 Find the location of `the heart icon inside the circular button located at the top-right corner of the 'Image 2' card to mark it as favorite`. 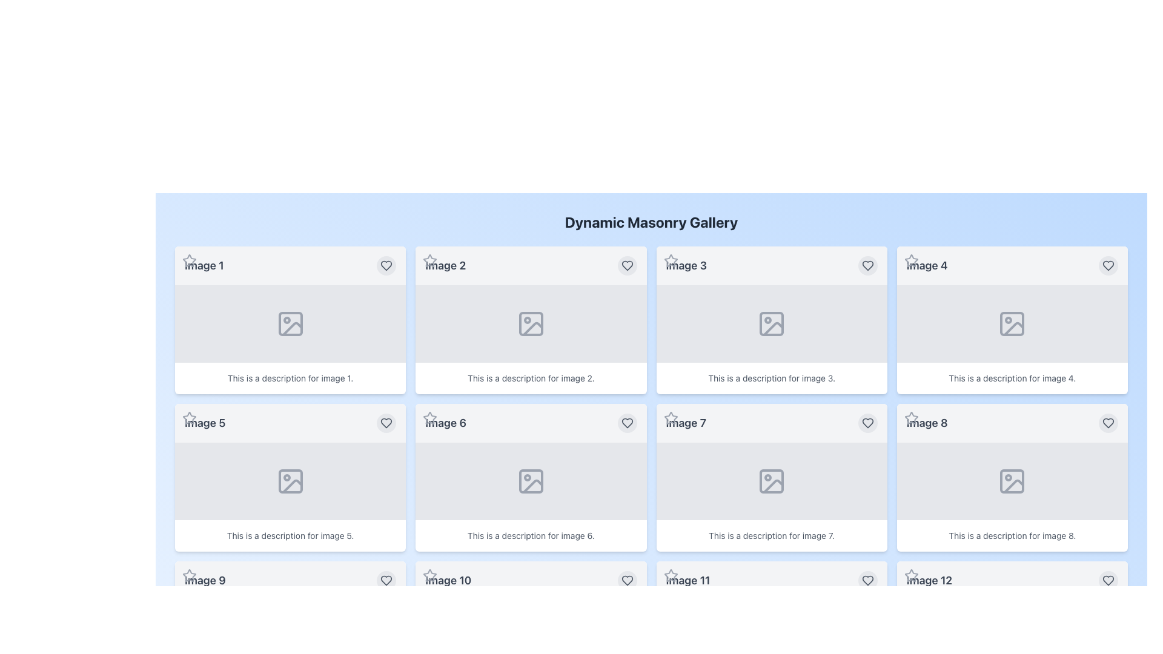

the heart icon inside the circular button located at the top-right corner of the 'Image 2' card to mark it as favorite is located at coordinates (627, 265).